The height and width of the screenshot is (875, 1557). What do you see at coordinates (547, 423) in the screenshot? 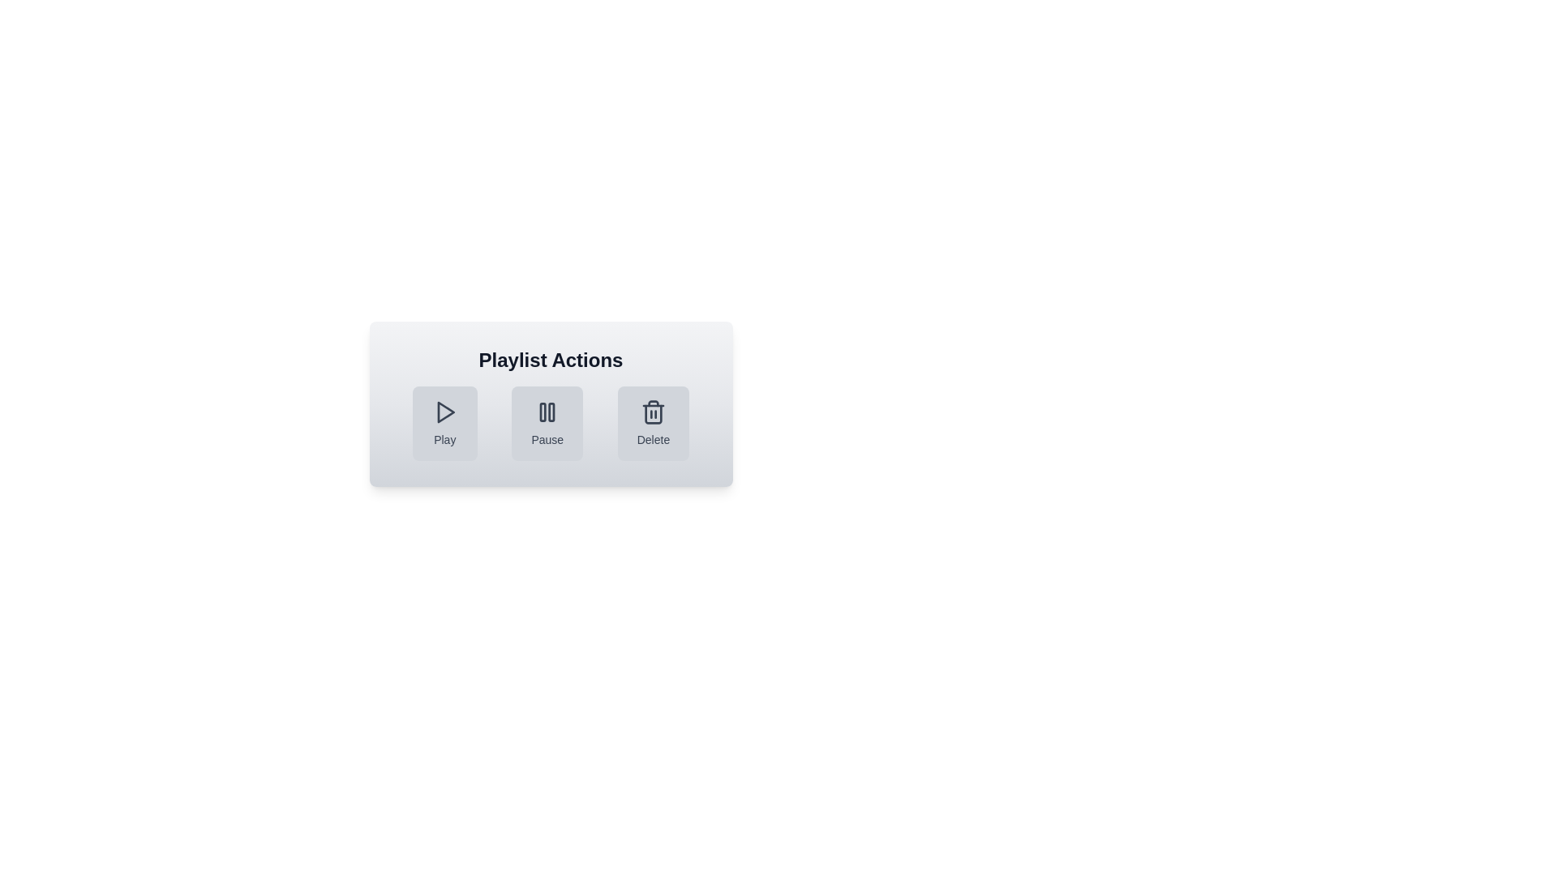
I see `the Pause button` at bounding box center [547, 423].